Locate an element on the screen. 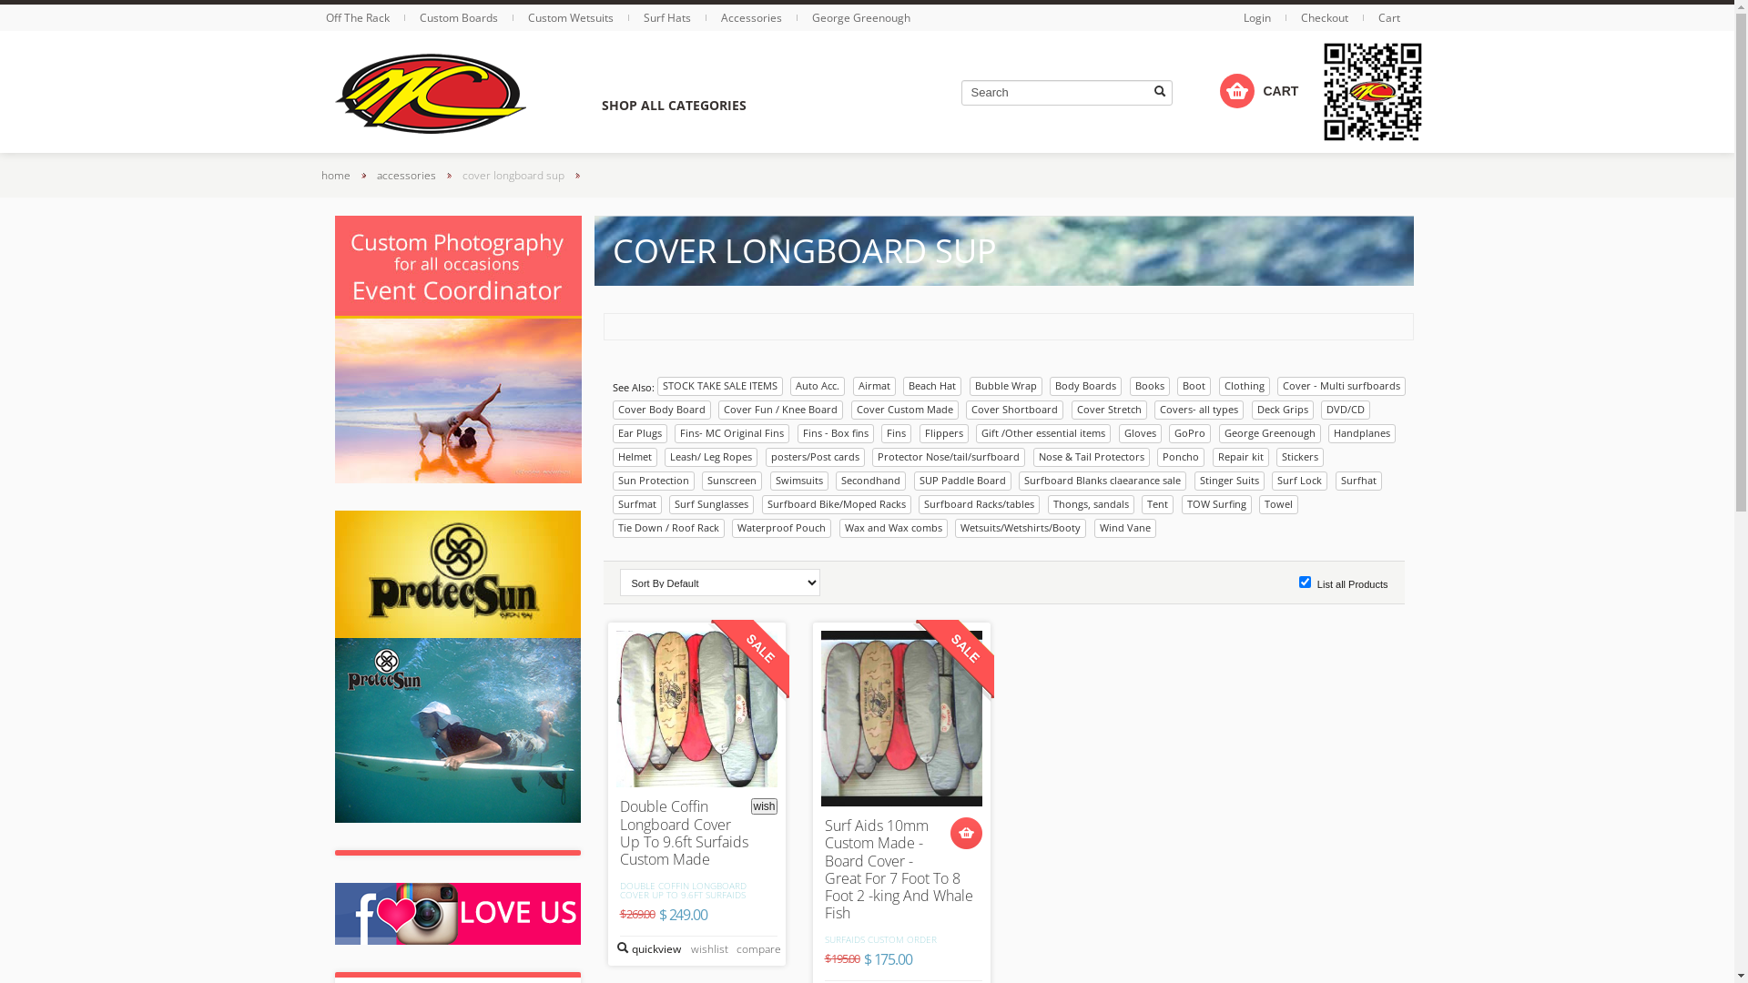 Image resolution: width=1748 pixels, height=983 pixels. 'Handplanes' is located at coordinates (1362, 433).